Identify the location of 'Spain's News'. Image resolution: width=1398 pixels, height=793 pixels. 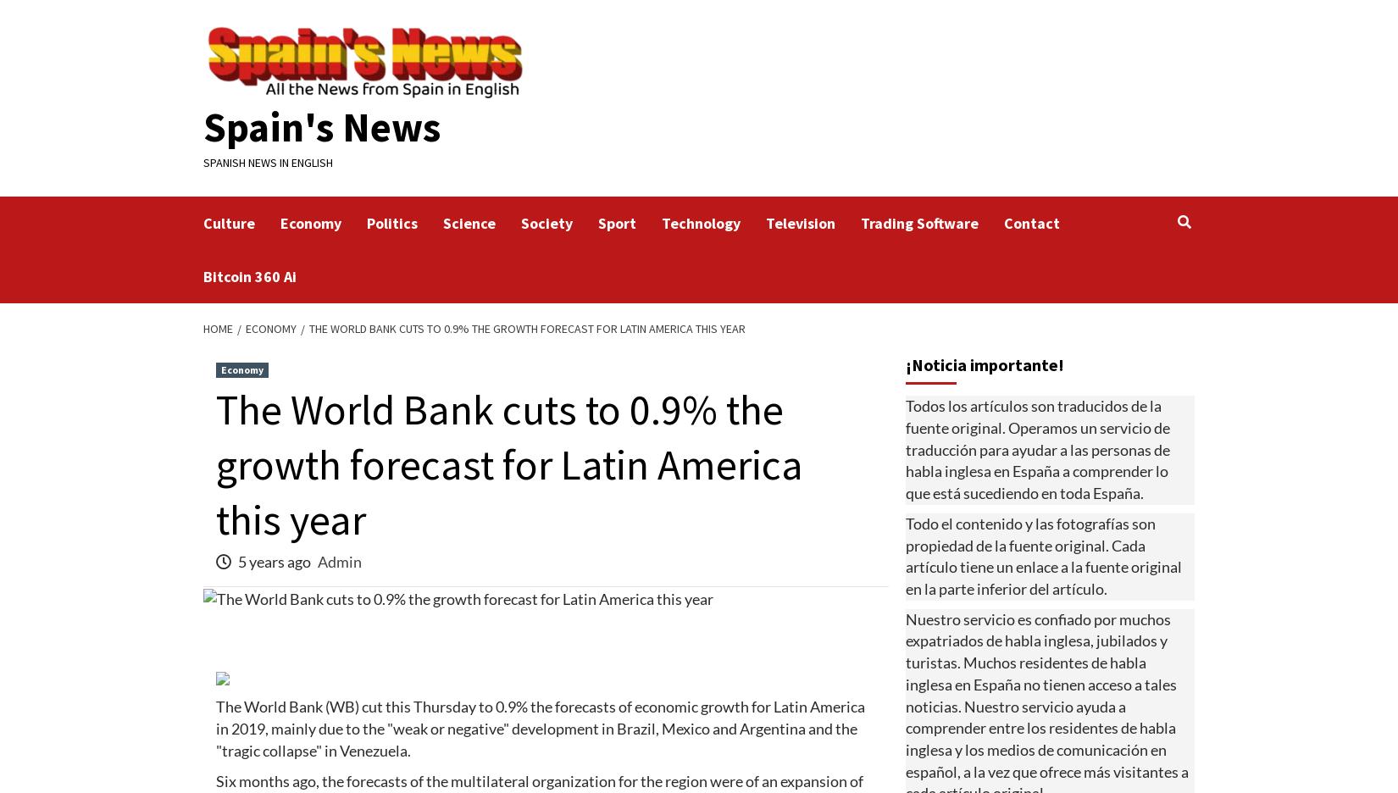
(321, 127).